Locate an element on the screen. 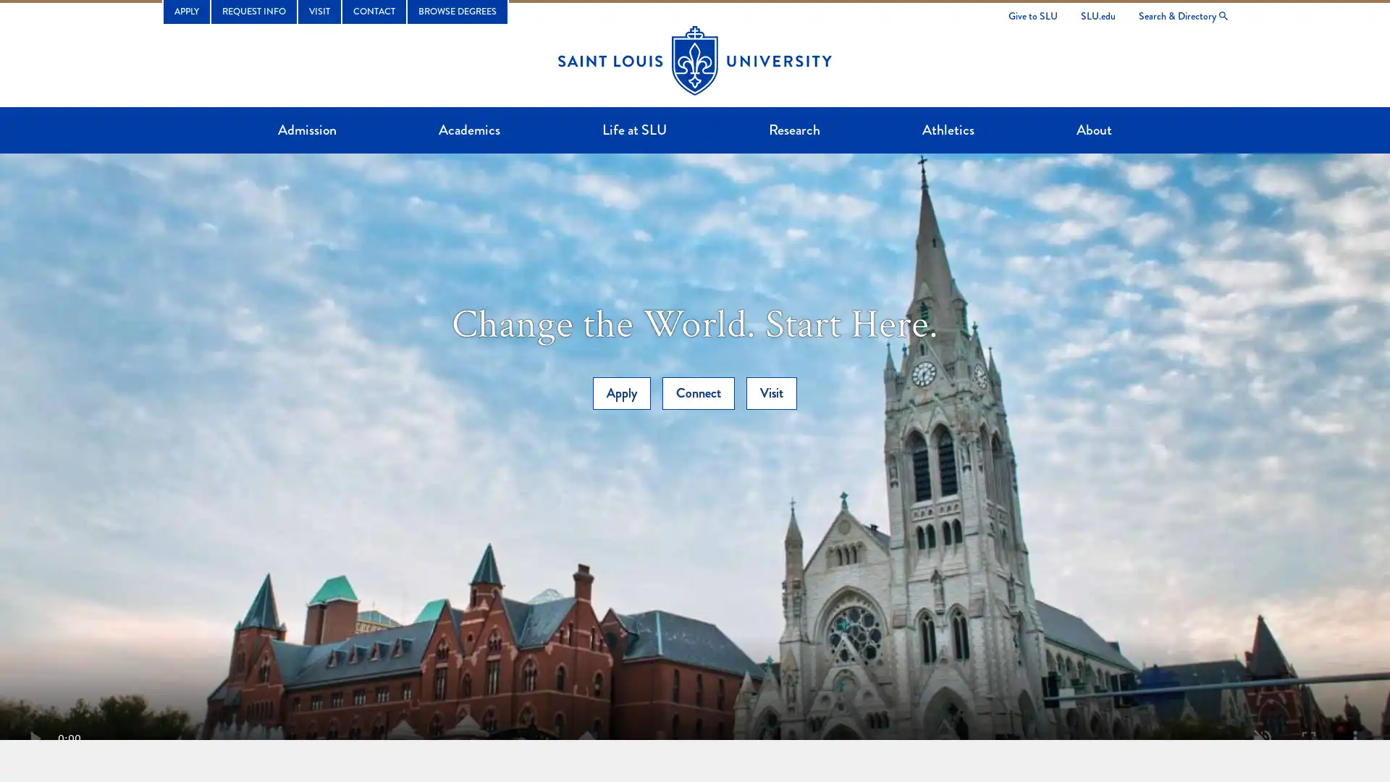  play is located at coordinates (35, 738).